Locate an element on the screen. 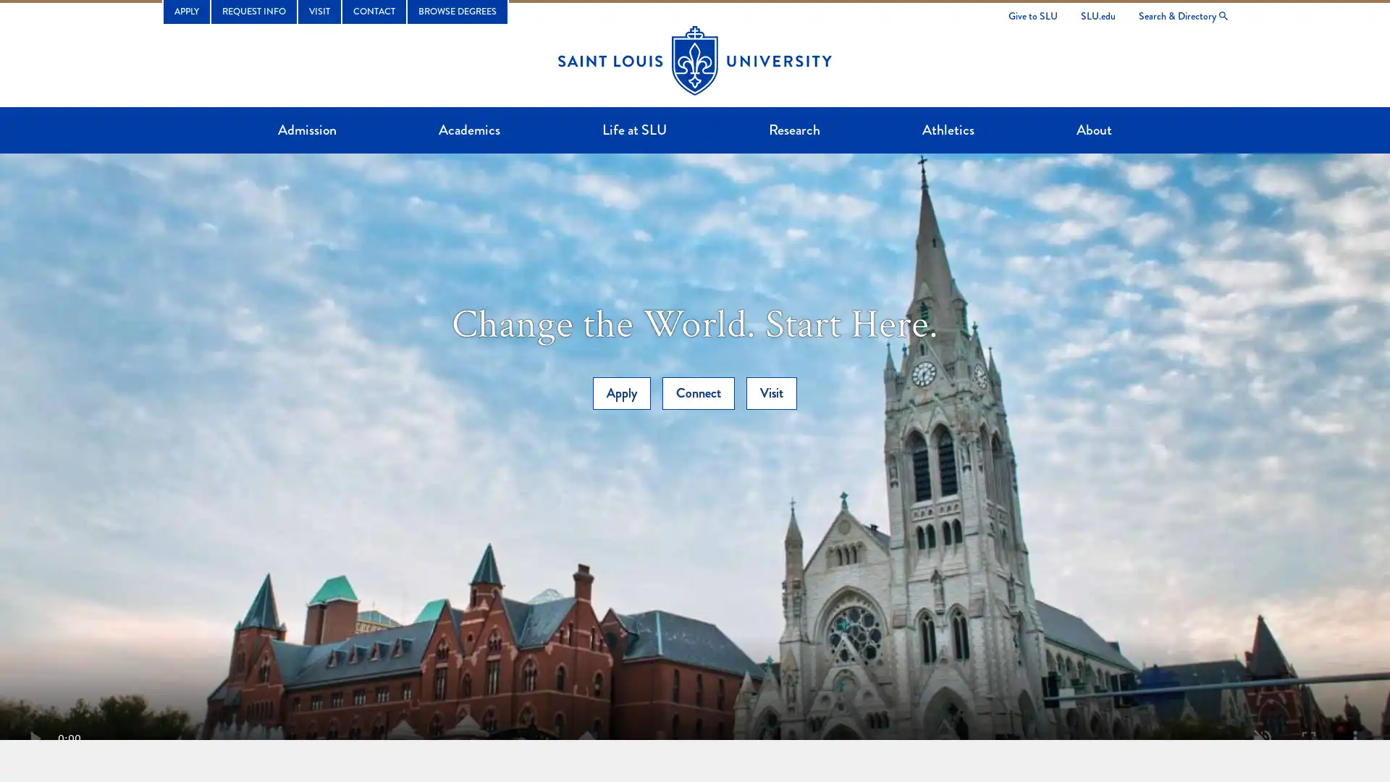  play is located at coordinates (35, 738).